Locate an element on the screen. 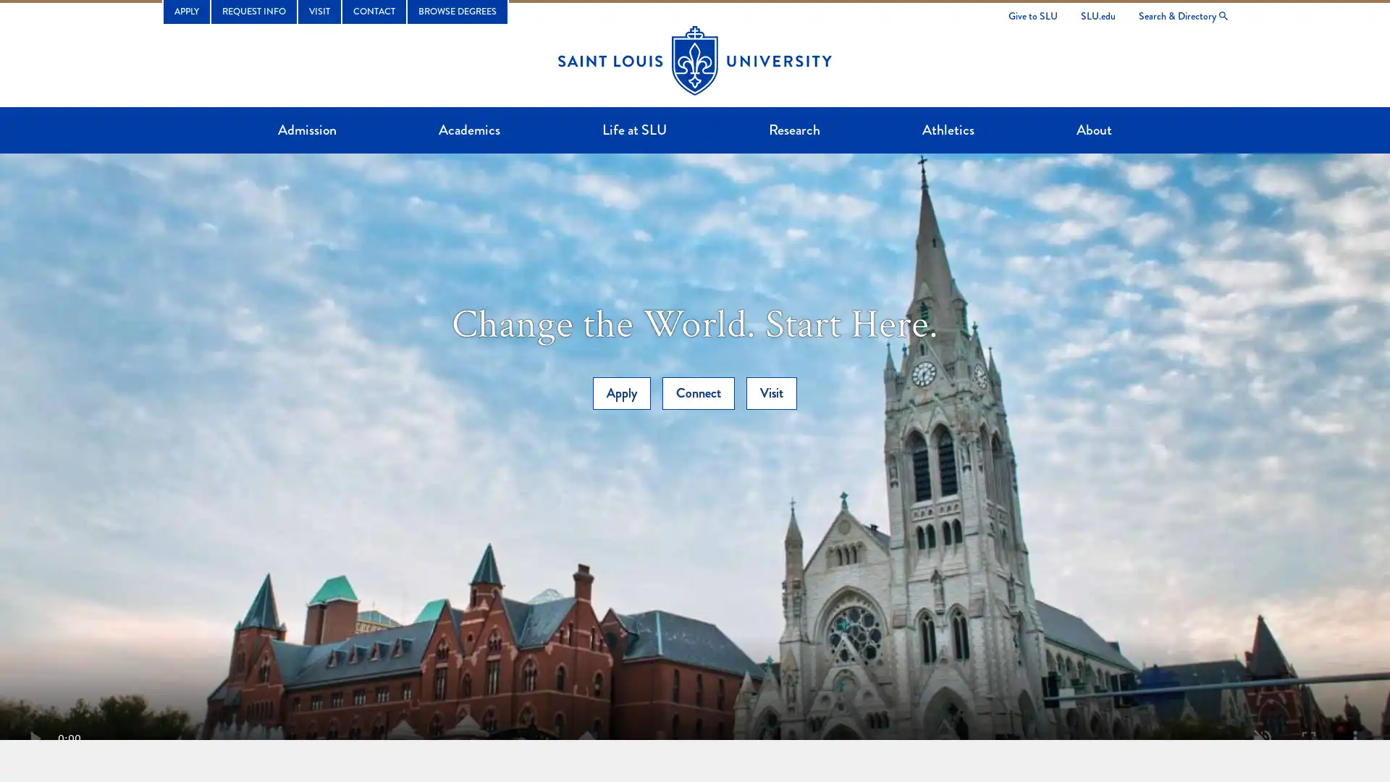  play is located at coordinates (35, 738).